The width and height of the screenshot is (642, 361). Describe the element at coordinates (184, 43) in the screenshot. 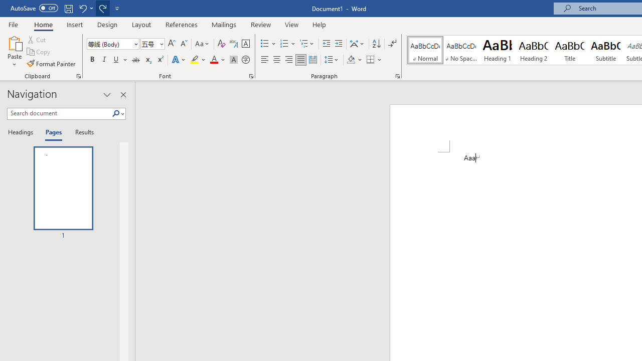

I see `'Shrink Font'` at that location.